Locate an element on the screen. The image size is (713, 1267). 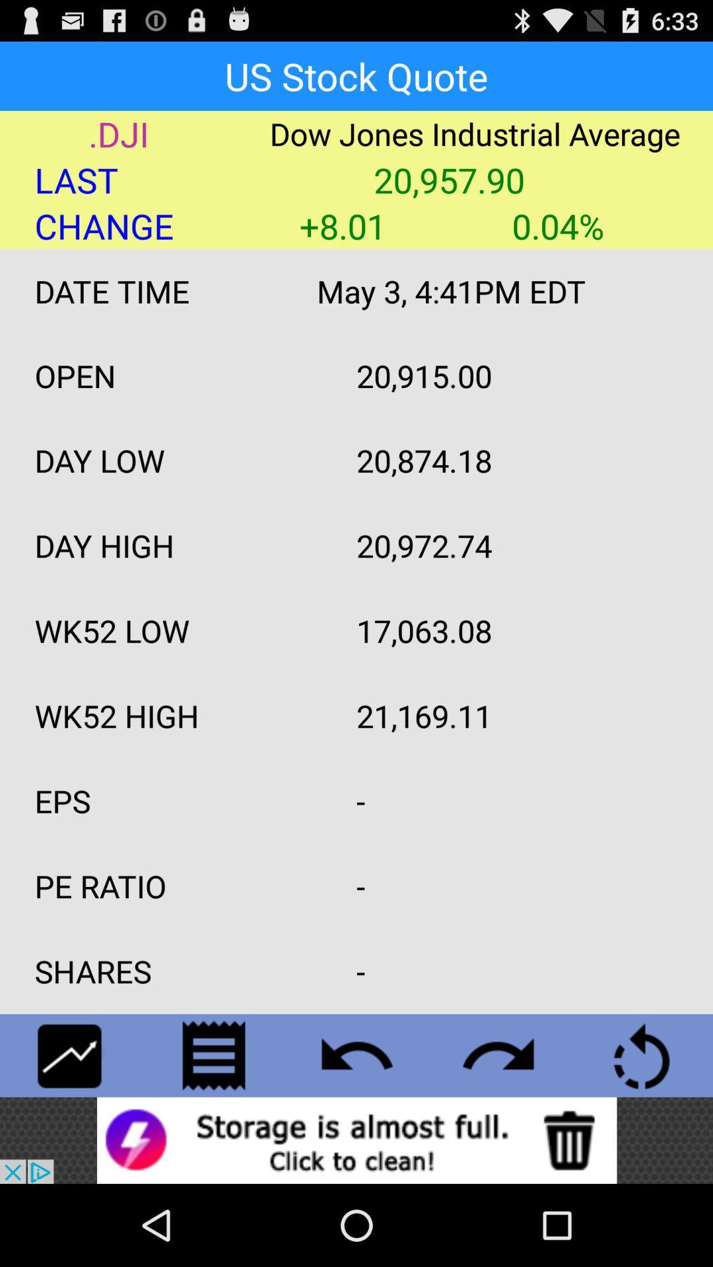
preview button is located at coordinates (356, 1055).